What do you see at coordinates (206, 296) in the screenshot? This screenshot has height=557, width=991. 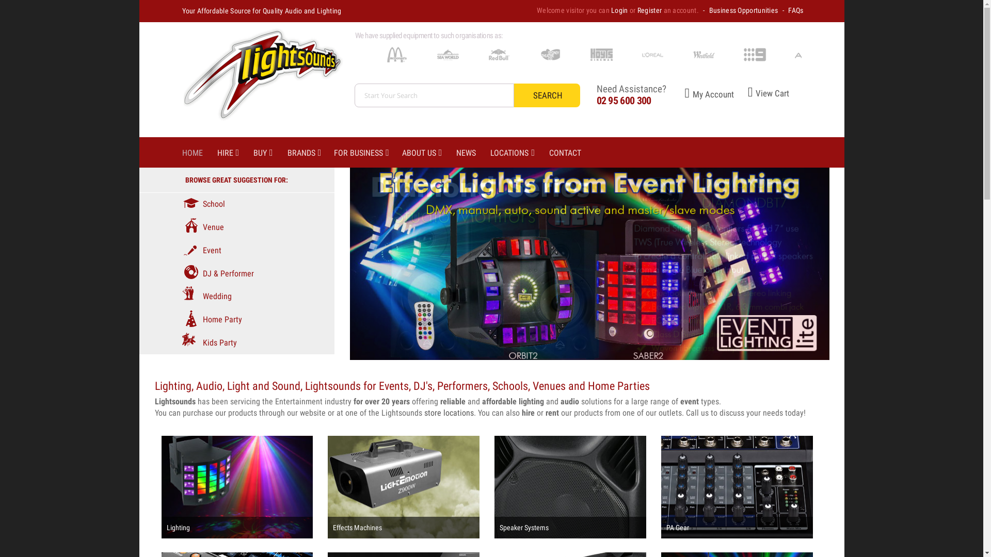 I see `'Wedding'` at bounding box center [206, 296].